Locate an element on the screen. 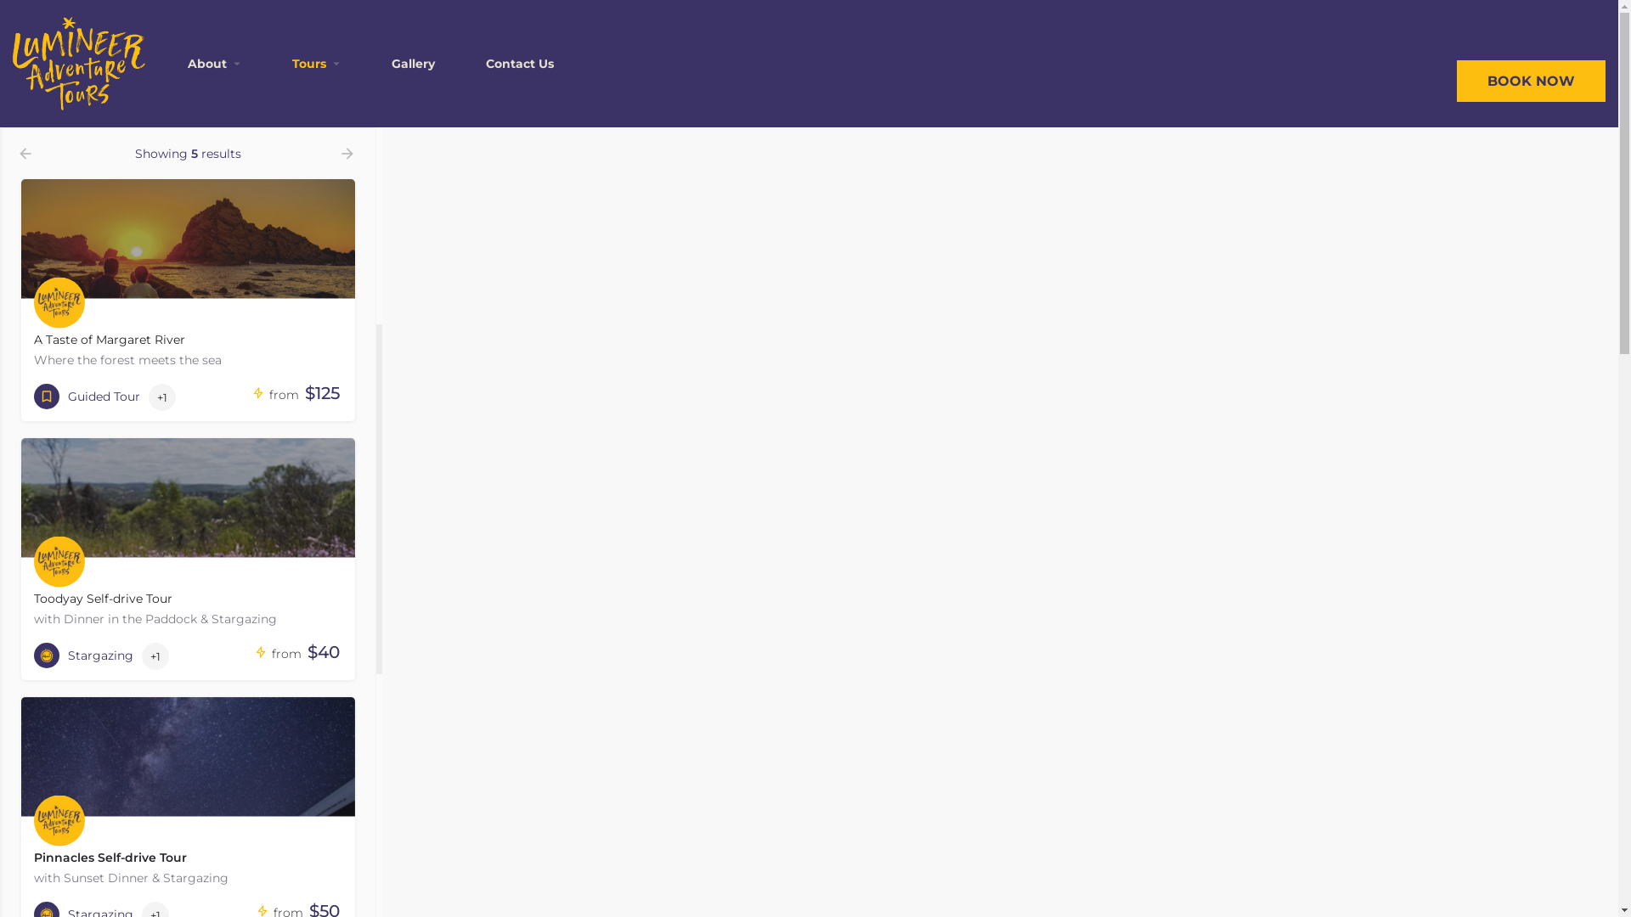 The image size is (1631, 917). 'About' is located at coordinates (206, 62).